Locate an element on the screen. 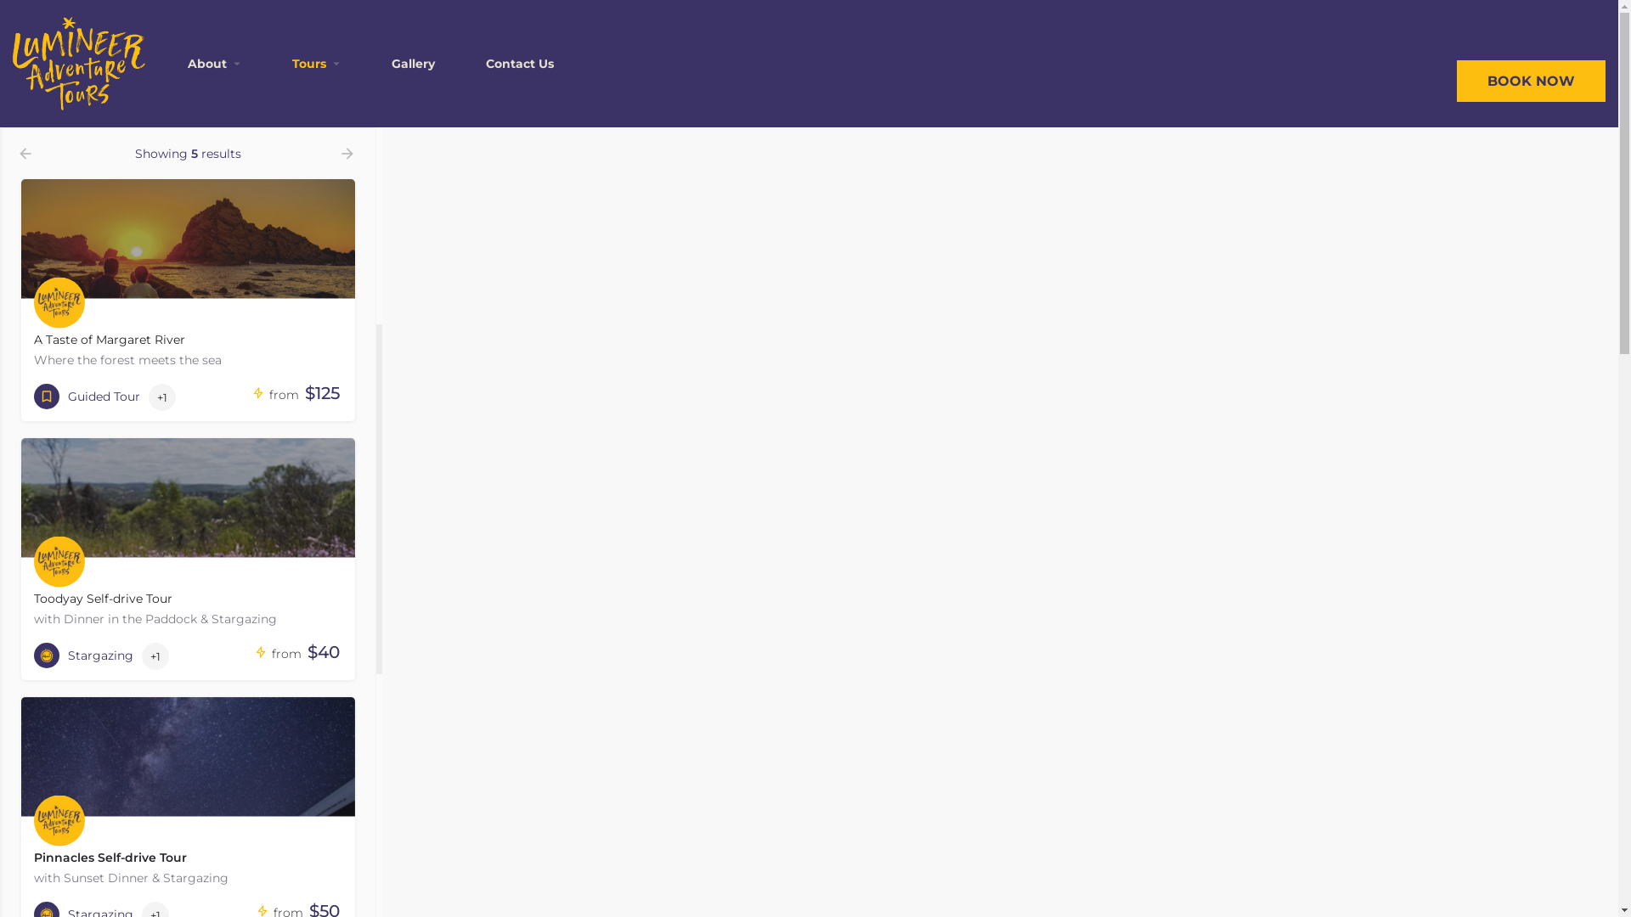 The image size is (1631, 917). 'About' is located at coordinates (206, 62).